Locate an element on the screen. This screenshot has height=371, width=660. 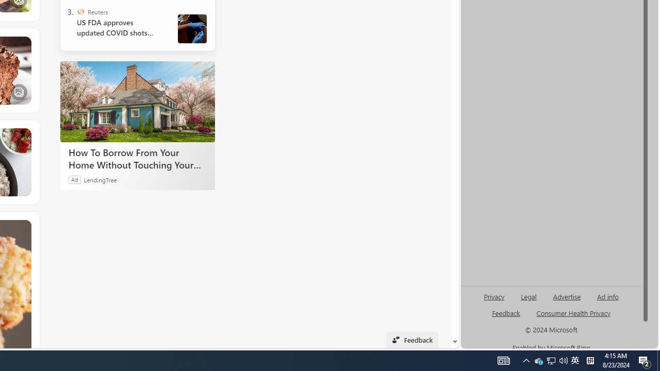
'US FDA approves updated COVID shots ahead of fall and winter' is located at coordinates (119, 27).